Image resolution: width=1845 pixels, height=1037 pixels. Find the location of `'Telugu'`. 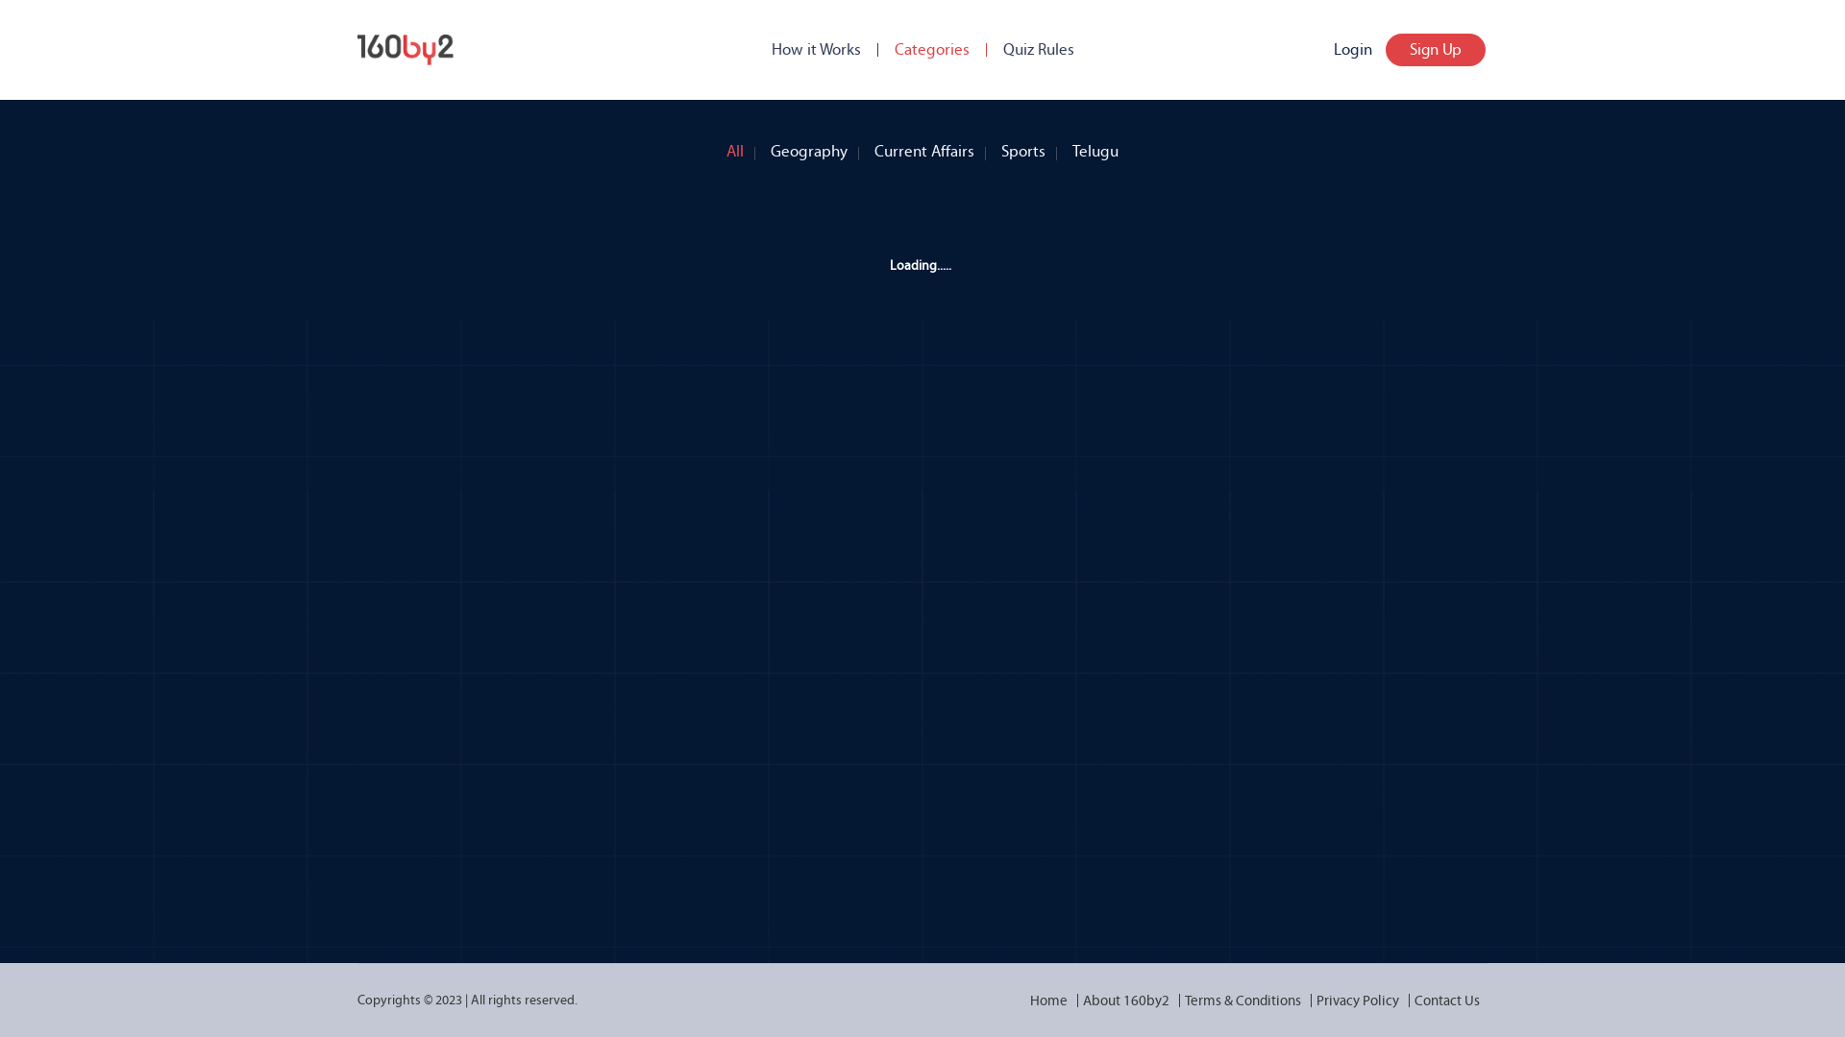

'Telugu' is located at coordinates (1095, 146).